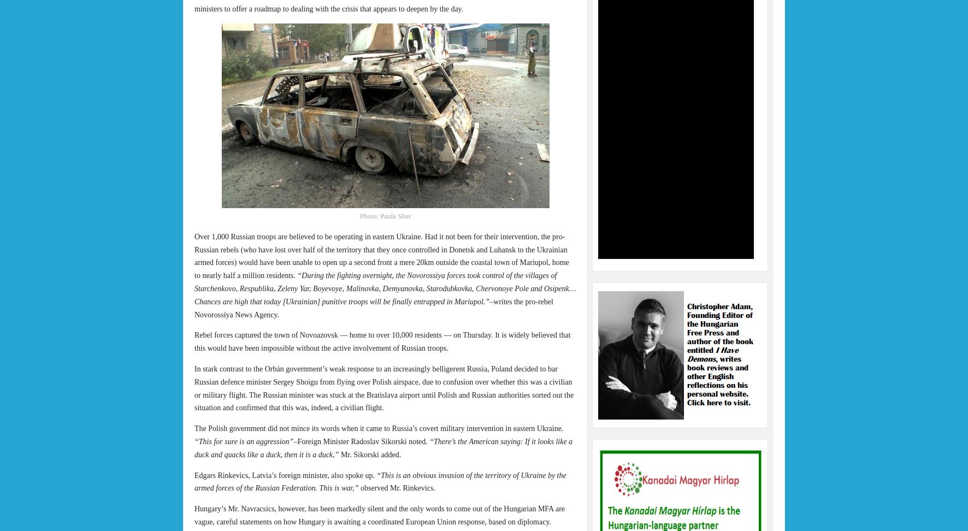  I want to click on 'observed Mr. Rinkevics.', so click(396, 488).